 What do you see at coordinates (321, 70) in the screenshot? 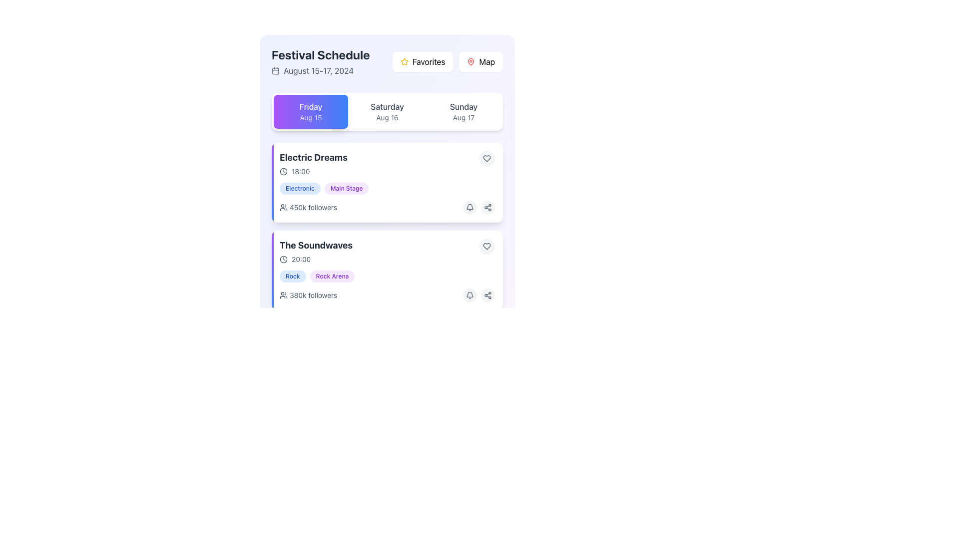
I see `the static text label with an icon that provides information about the event's schedule dates, located beneath the 'Festival Schedule' header` at bounding box center [321, 70].